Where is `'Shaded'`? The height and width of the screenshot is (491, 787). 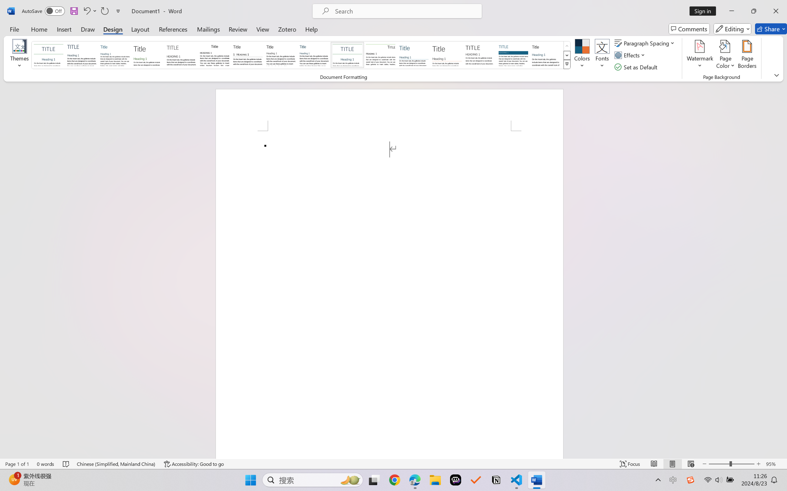 'Shaded' is located at coordinates (513, 55).